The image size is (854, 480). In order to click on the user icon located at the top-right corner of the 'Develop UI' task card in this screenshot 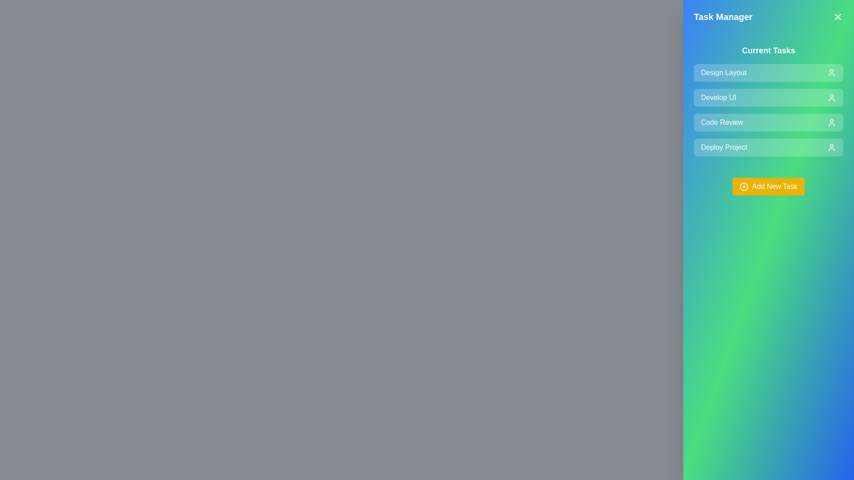, I will do `click(831, 97)`.